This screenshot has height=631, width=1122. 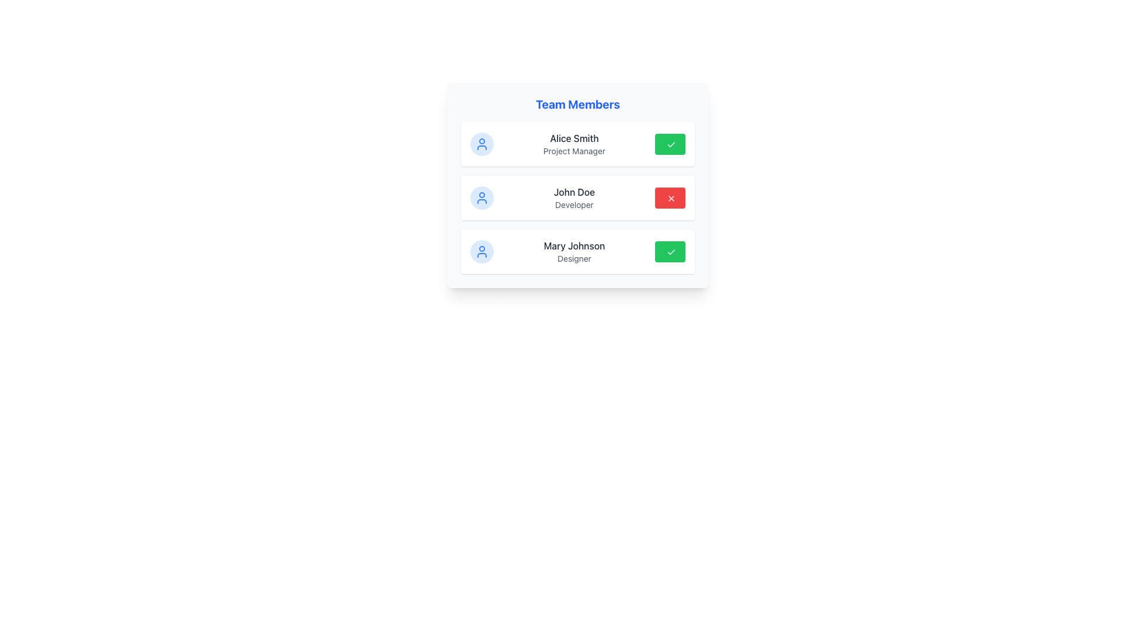 I want to click on the text label displaying 'Alice Smith', which is positioned above the 'Project Manager' label and to the right of a circular profile icon in the first card under the 'Team Members' heading, so click(x=574, y=137).